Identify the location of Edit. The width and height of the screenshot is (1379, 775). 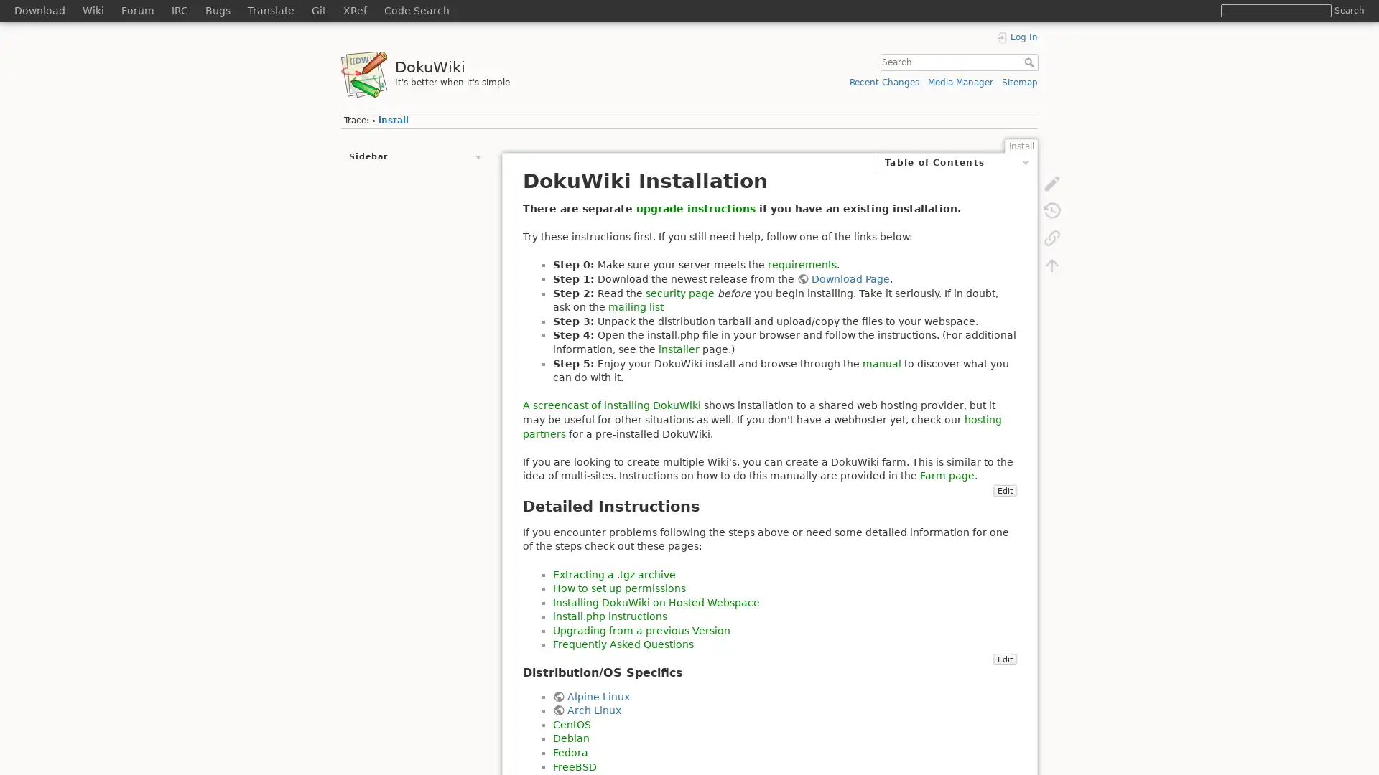
(1003, 700).